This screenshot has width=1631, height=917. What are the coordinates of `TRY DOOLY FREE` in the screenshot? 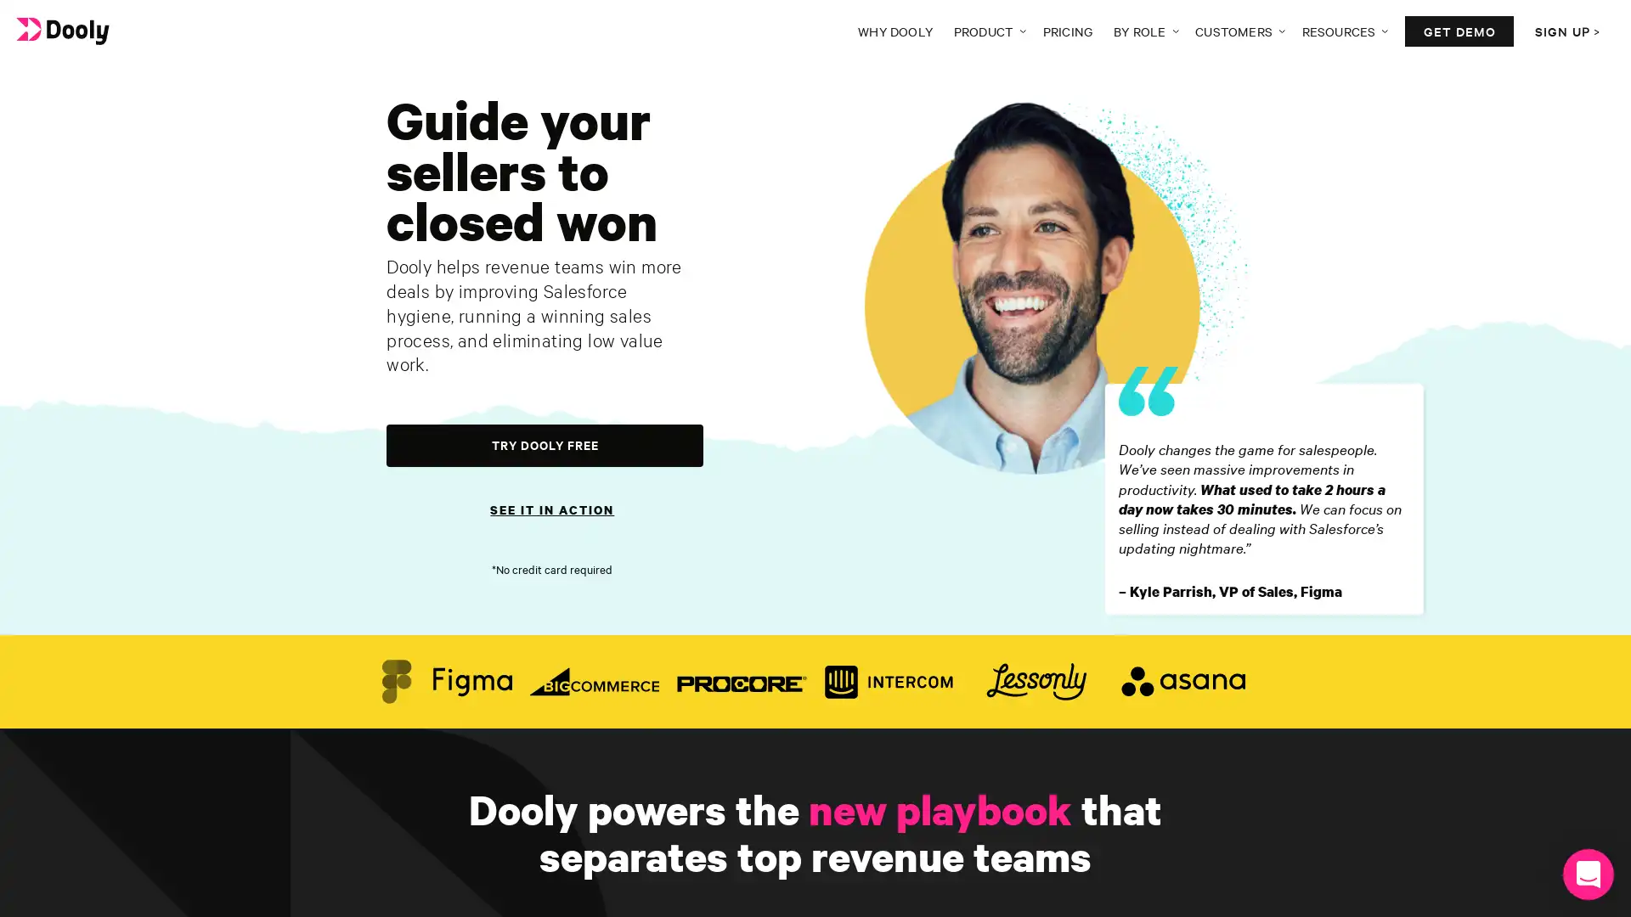 It's located at (545, 444).